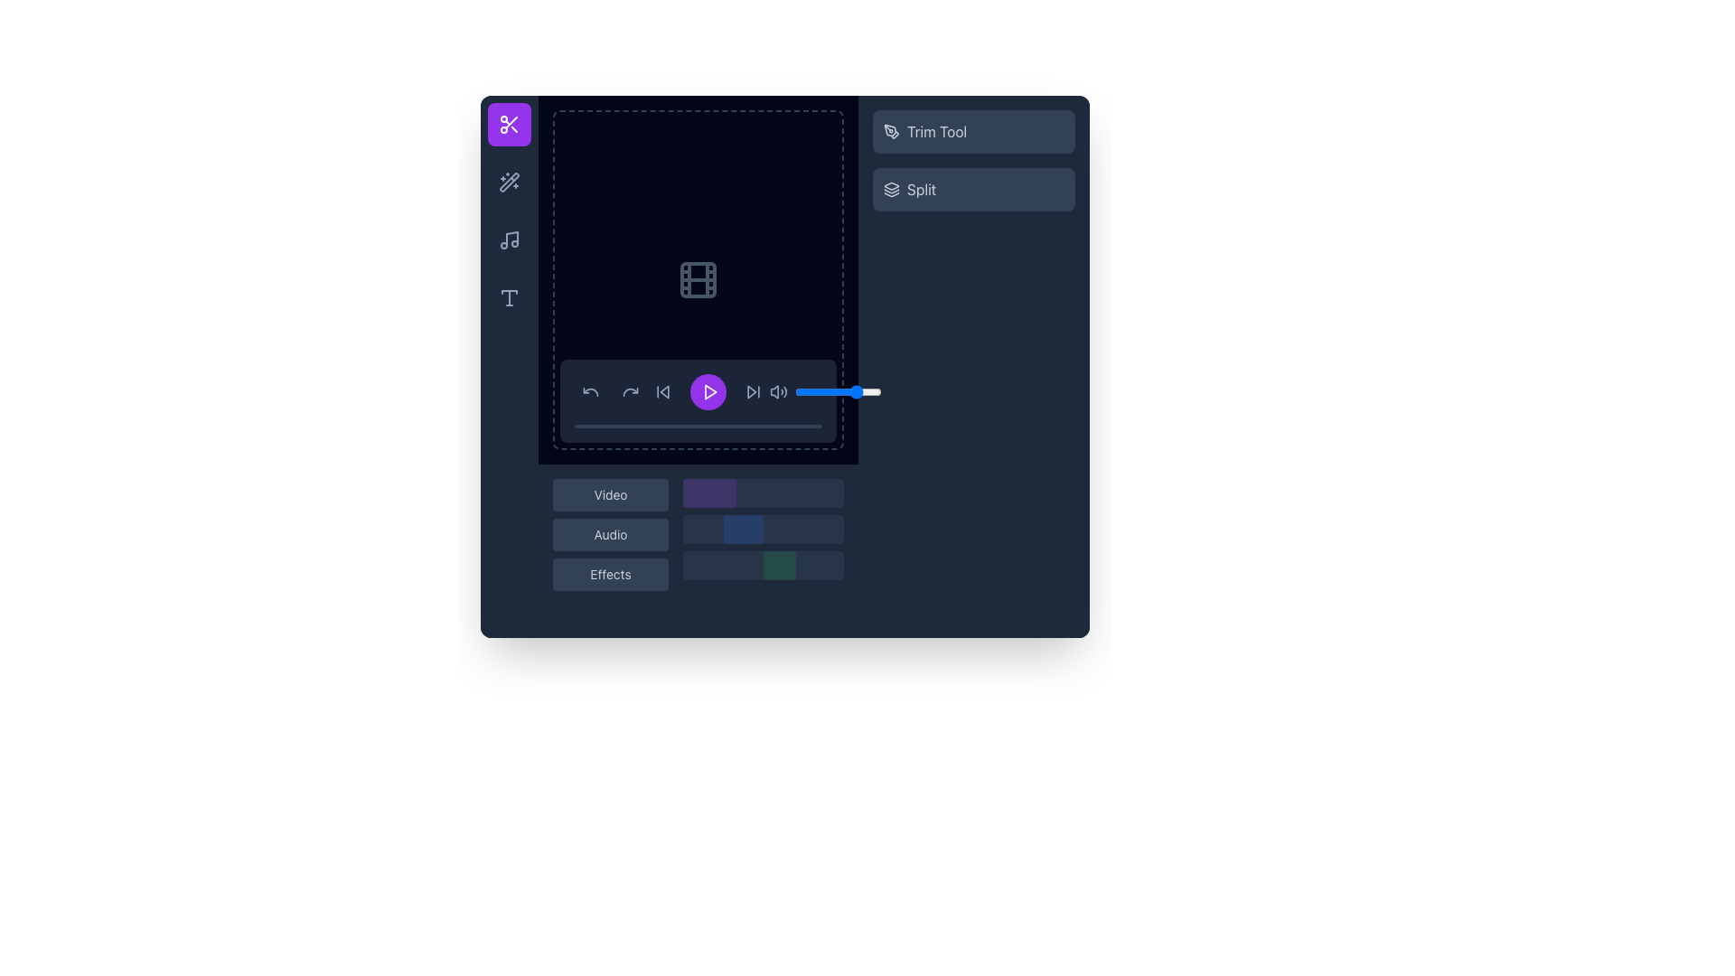 This screenshot has width=1735, height=976. I want to click on the gray rounded rectangular button with sparkles and a wand icon located second from the top in the left sidebar, so click(509, 182).